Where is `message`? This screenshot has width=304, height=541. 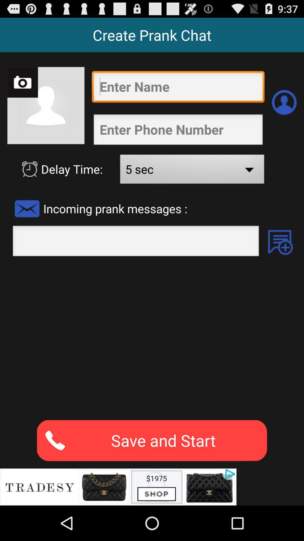 message is located at coordinates (280, 242).